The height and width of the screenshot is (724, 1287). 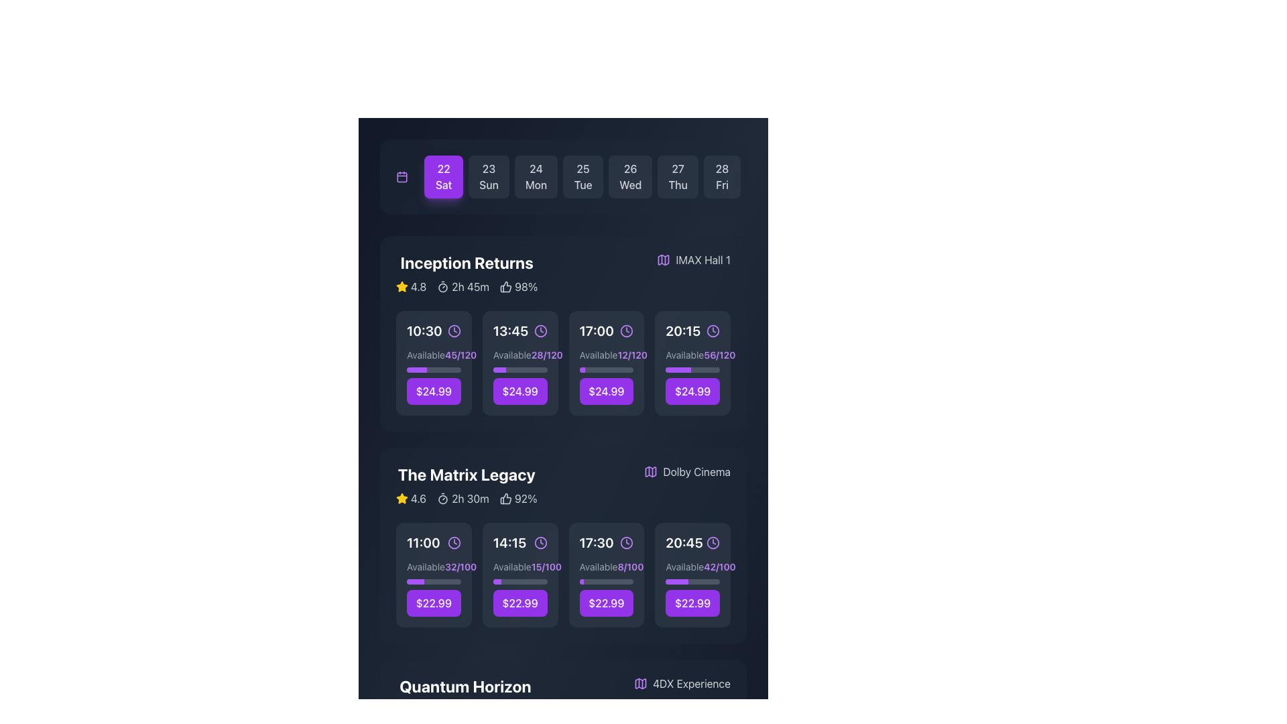 What do you see at coordinates (499, 574) in the screenshot?
I see `the sofa icon, which is a minimalistic design styled with a thin stroke, located within the 'Select Seats' button` at bounding box center [499, 574].